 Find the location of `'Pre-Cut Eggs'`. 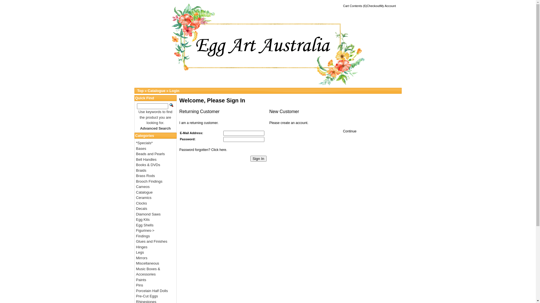

'Pre-Cut Eggs' is located at coordinates (147, 296).